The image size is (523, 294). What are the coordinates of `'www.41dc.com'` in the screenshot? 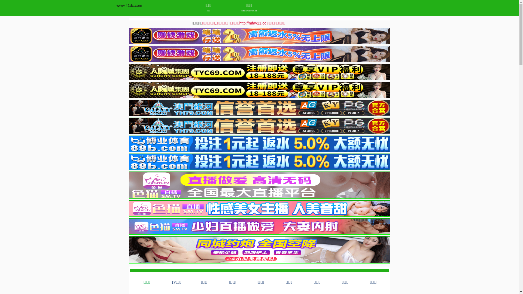 It's located at (129, 5).